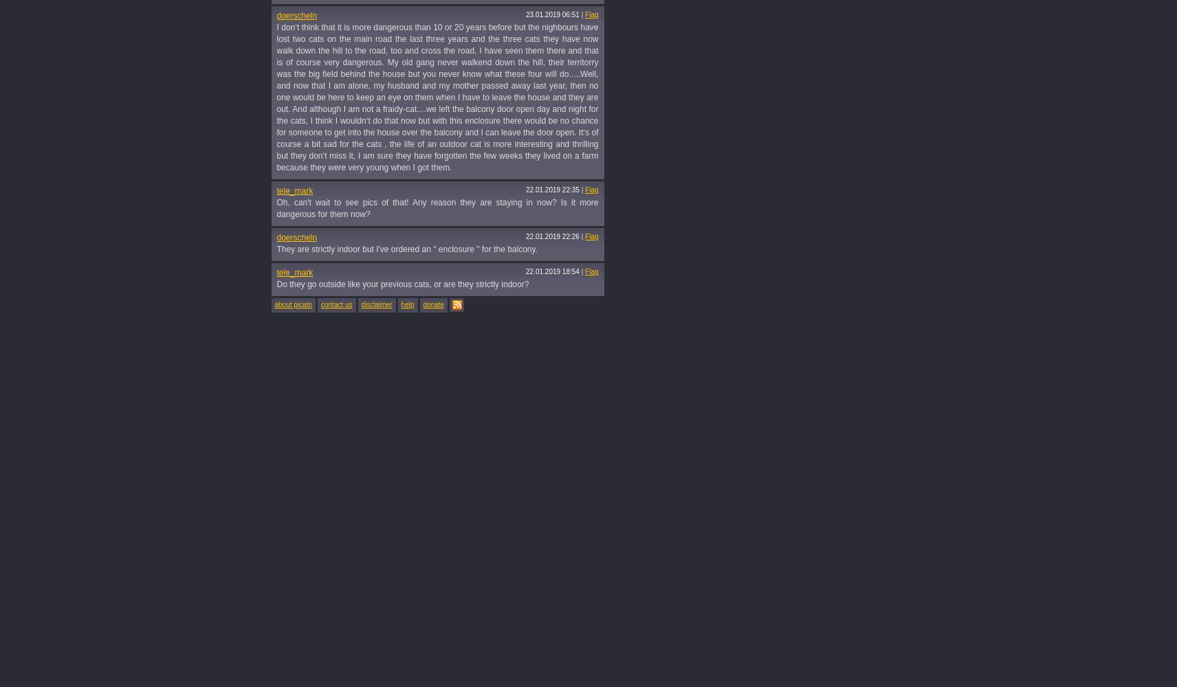 The height and width of the screenshot is (687, 1177). I want to click on 'Oh, can't wait to see pics of that!  Any reason they are staying in now? Is it more dangerous for them now?', so click(437, 208).